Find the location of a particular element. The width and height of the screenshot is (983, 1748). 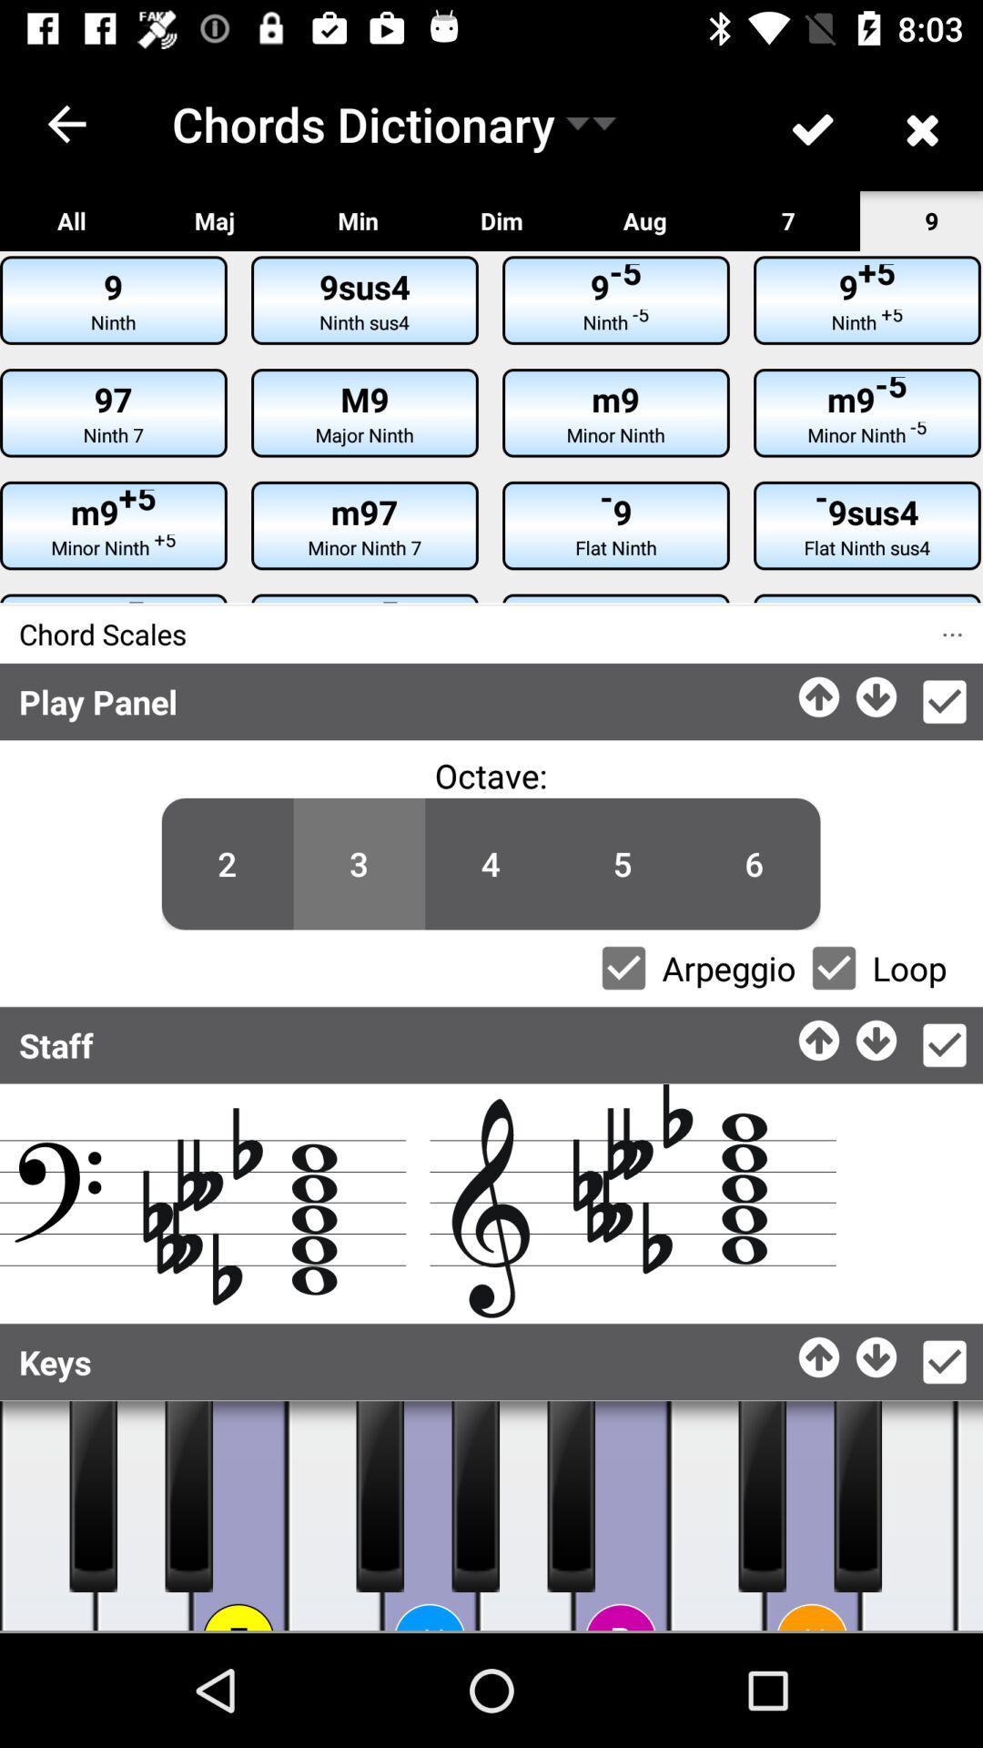

piano black key is located at coordinates (762, 1496).